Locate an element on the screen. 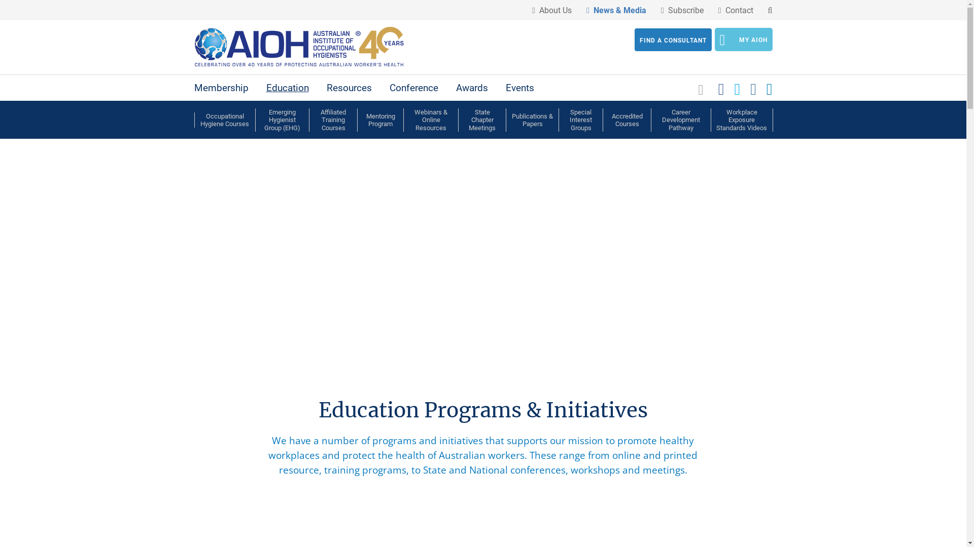 This screenshot has height=547, width=974. 'Resources' is located at coordinates (349, 87).